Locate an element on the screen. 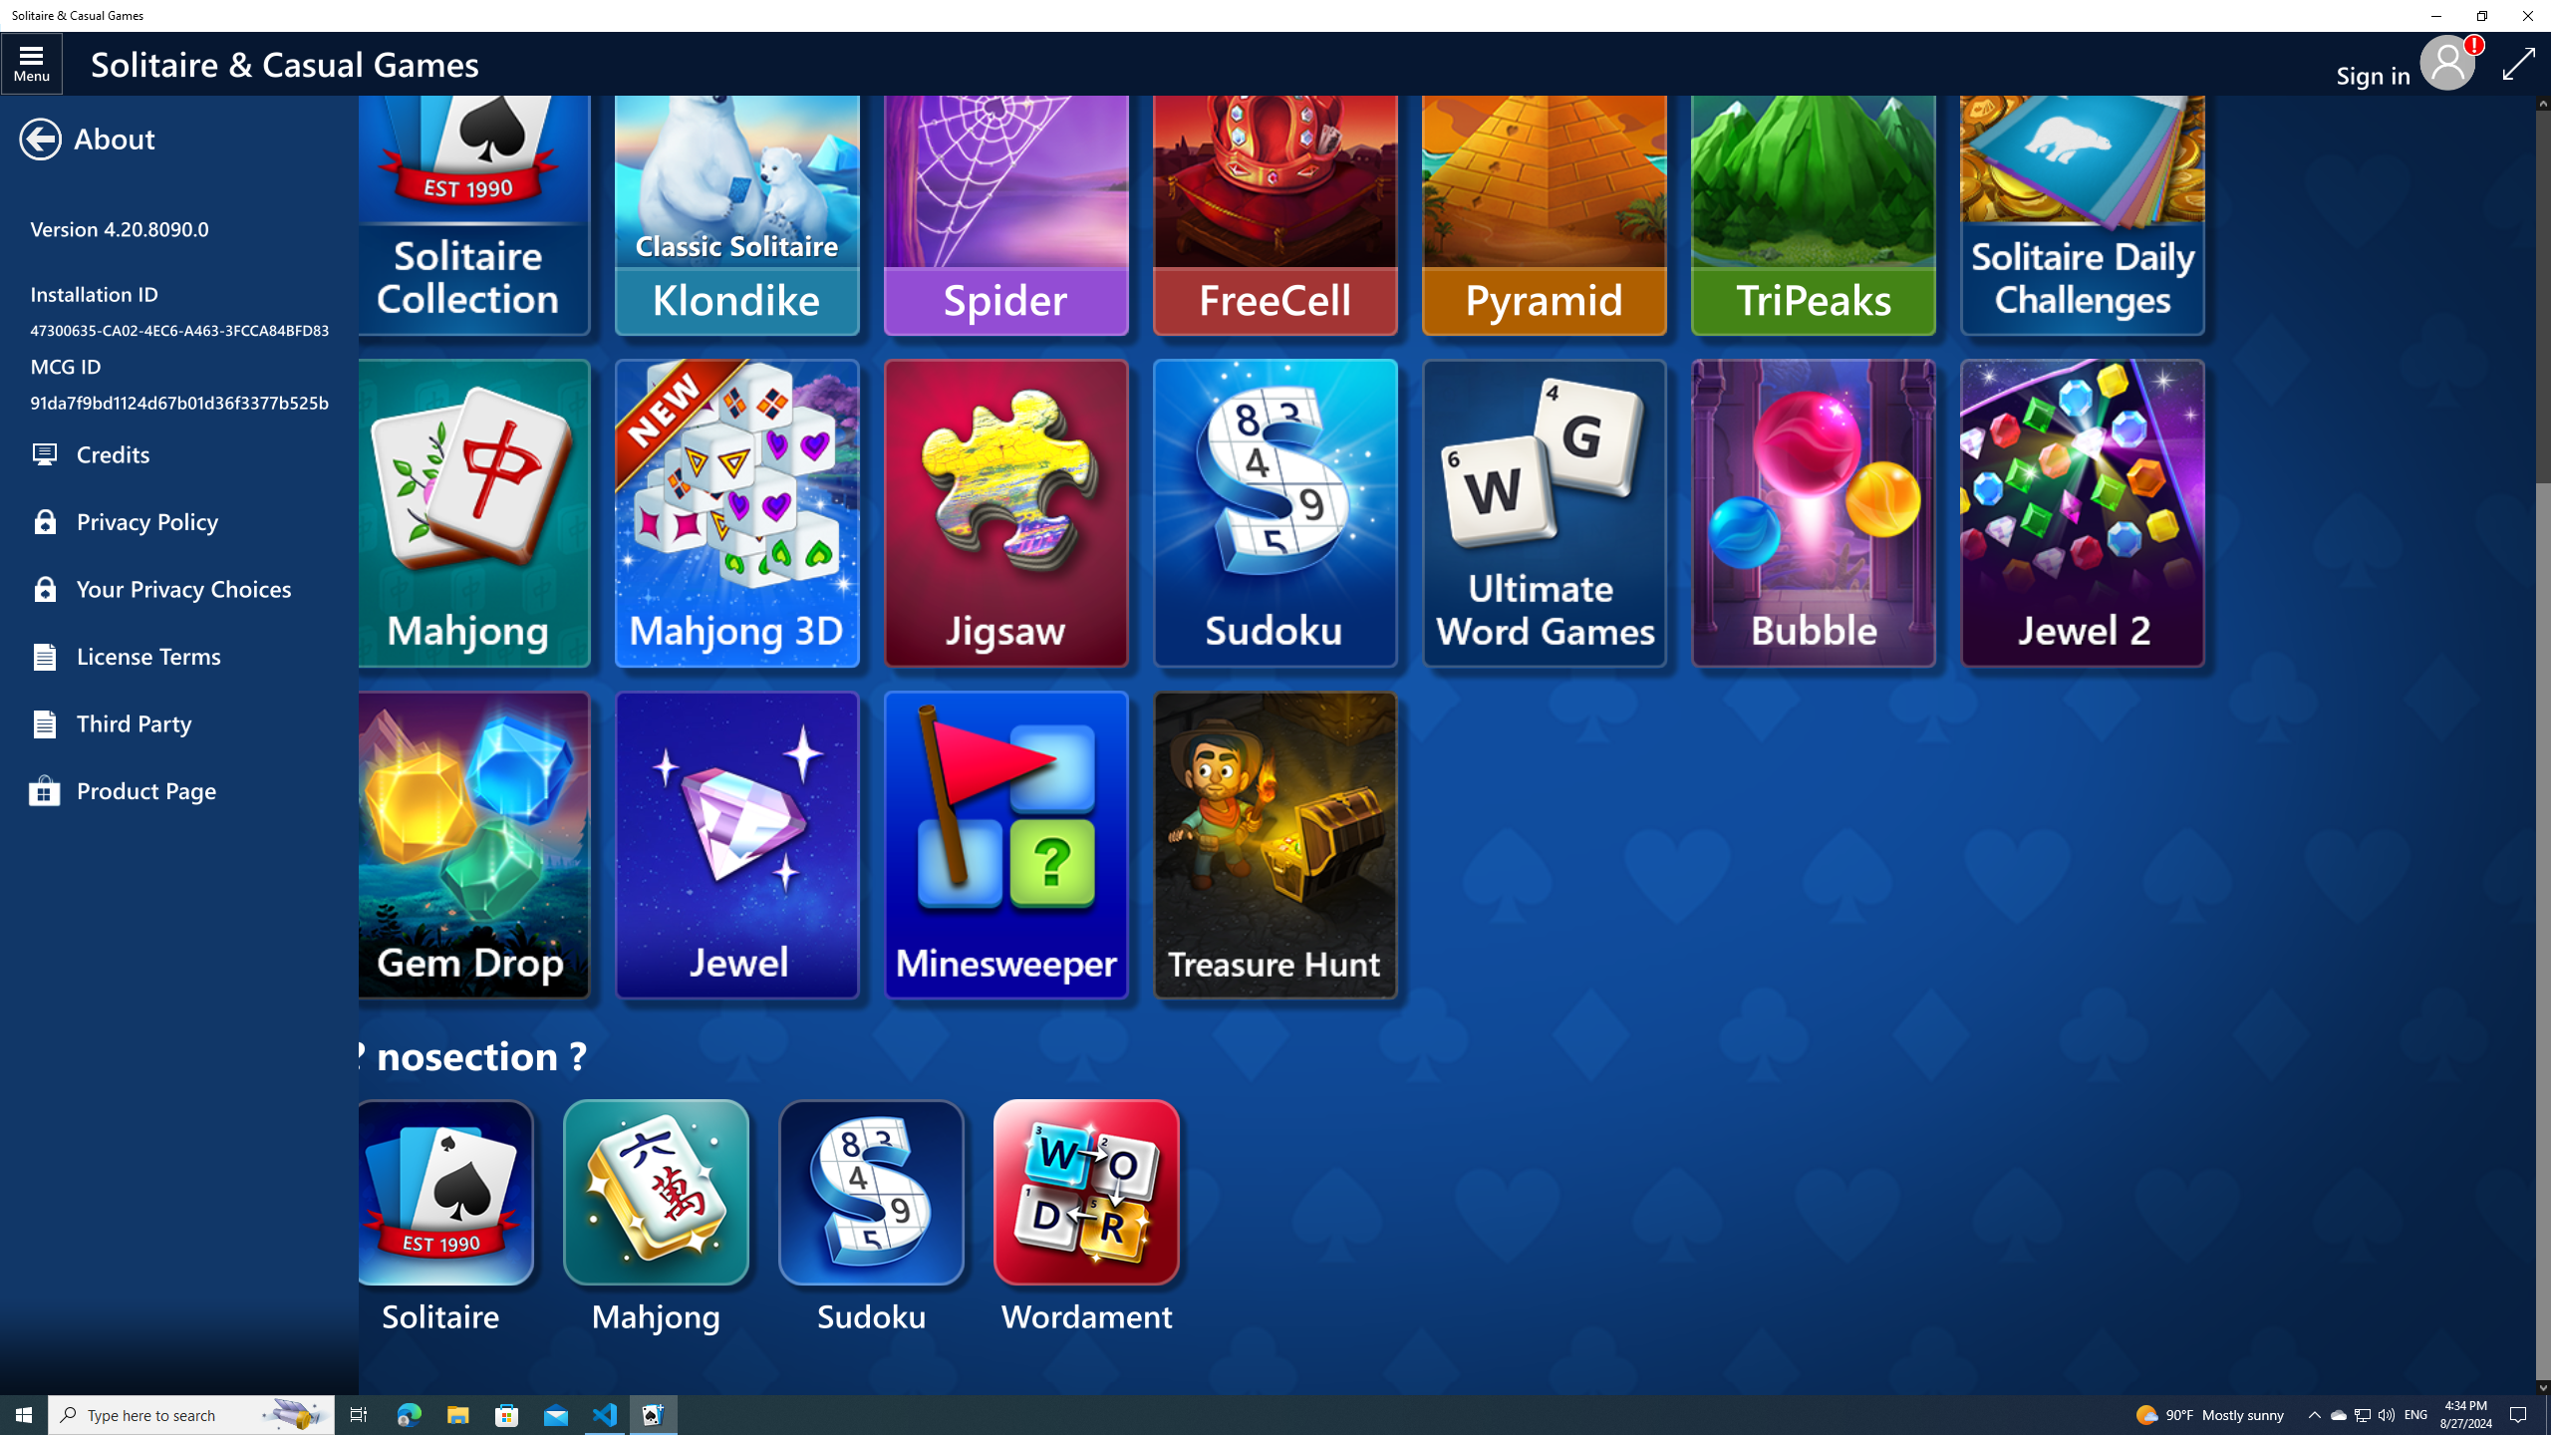 This screenshot has width=2551, height=1435. 'Microsoft Mahjong' is located at coordinates (474, 511).